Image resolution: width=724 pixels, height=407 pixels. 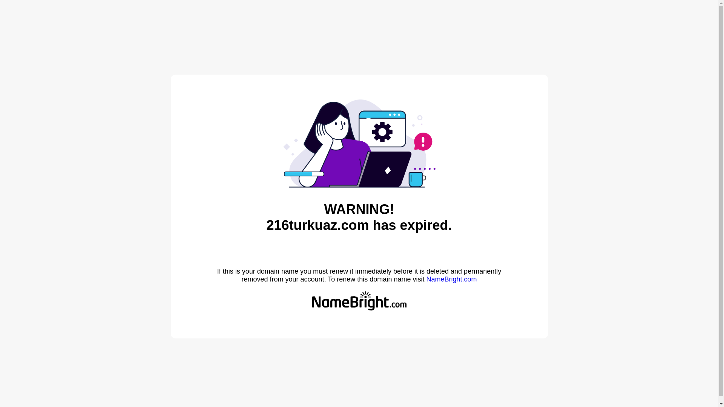 I want to click on 'NameBright.com', so click(x=451, y=279).